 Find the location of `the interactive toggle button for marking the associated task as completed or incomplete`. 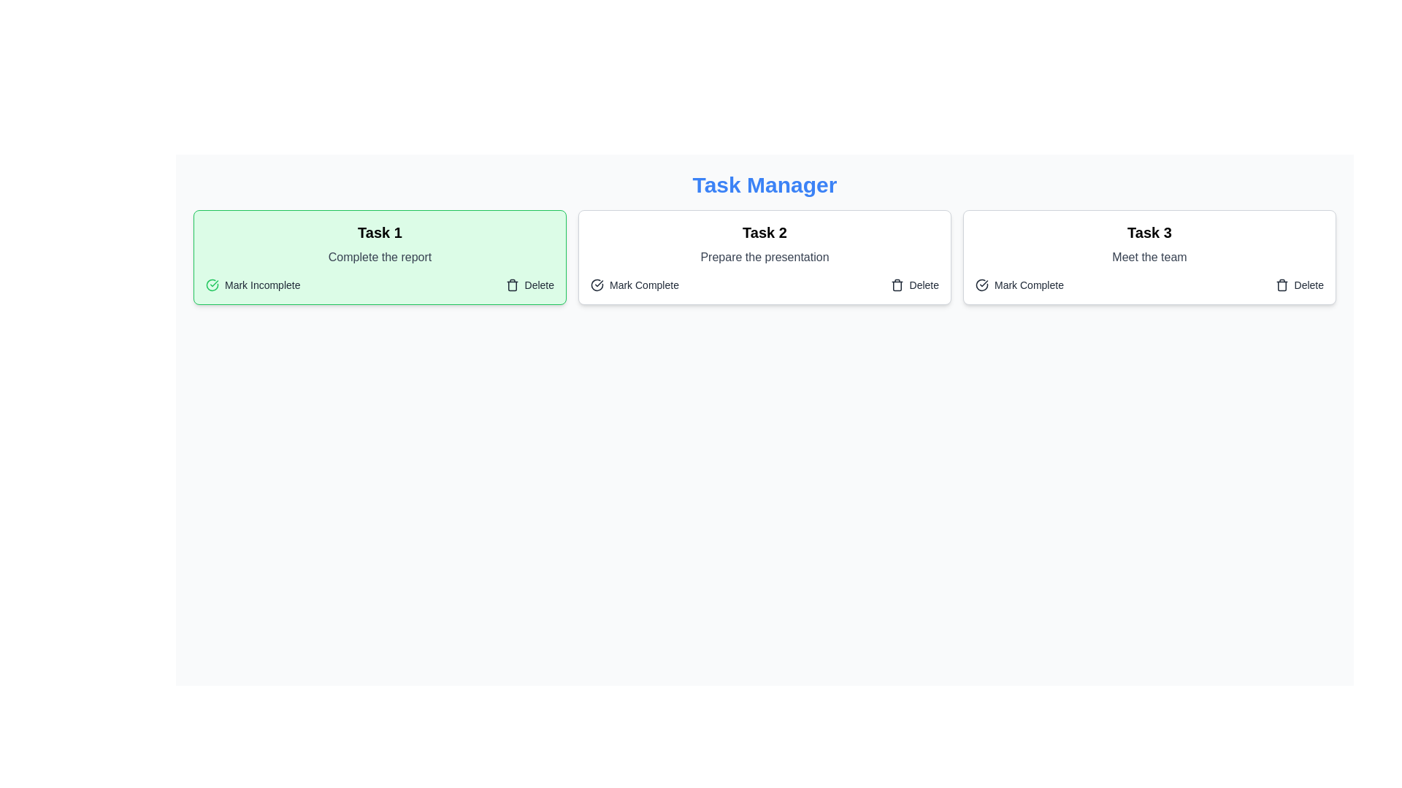

the interactive toggle button for marking the associated task as completed or incomplete is located at coordinates (635, 285).